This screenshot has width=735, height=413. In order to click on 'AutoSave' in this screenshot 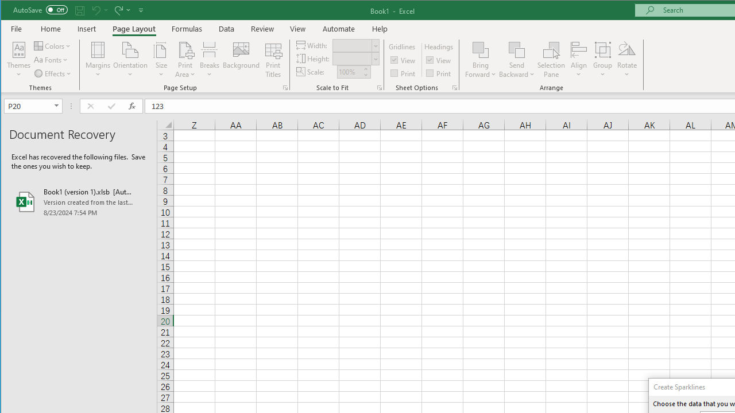, I will do `click(40, 10)`.